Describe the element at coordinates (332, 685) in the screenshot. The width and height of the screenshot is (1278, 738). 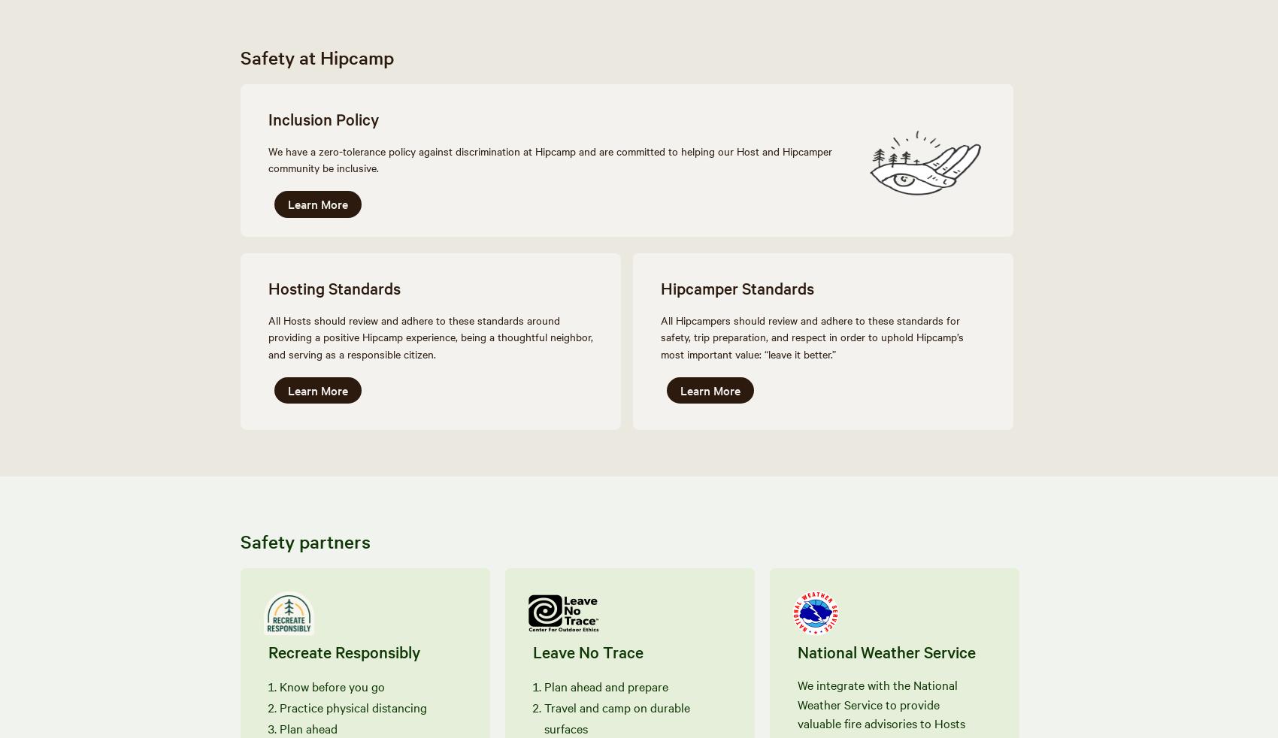
I see `'Know before you go'` at that location.